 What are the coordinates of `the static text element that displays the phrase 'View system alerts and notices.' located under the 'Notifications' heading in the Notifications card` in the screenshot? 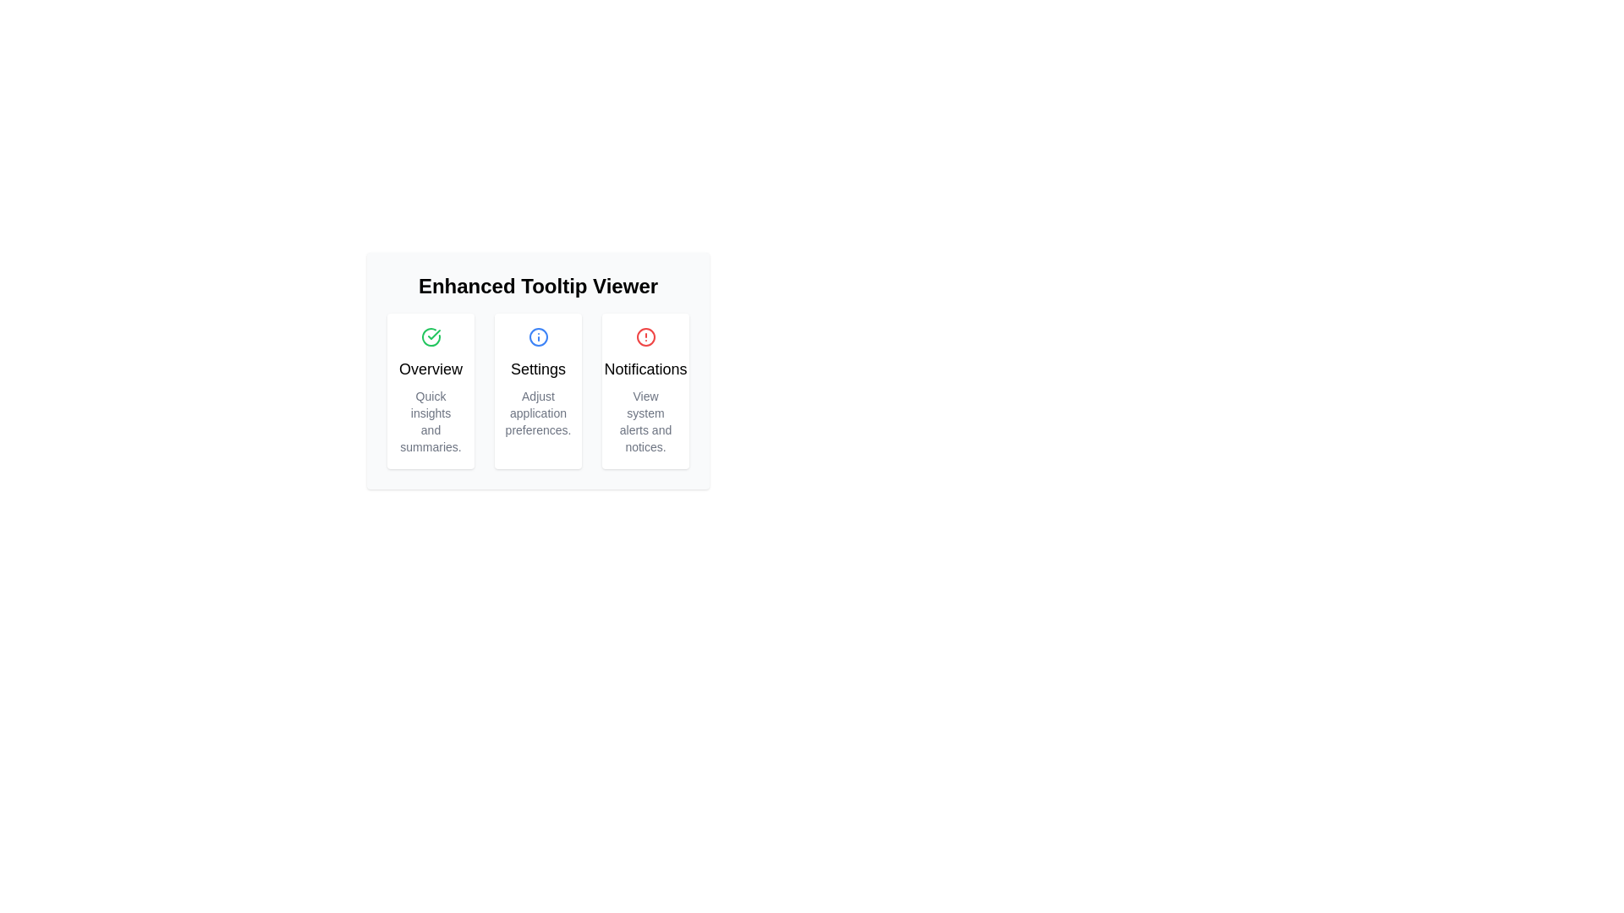 It's located at (645, 420).